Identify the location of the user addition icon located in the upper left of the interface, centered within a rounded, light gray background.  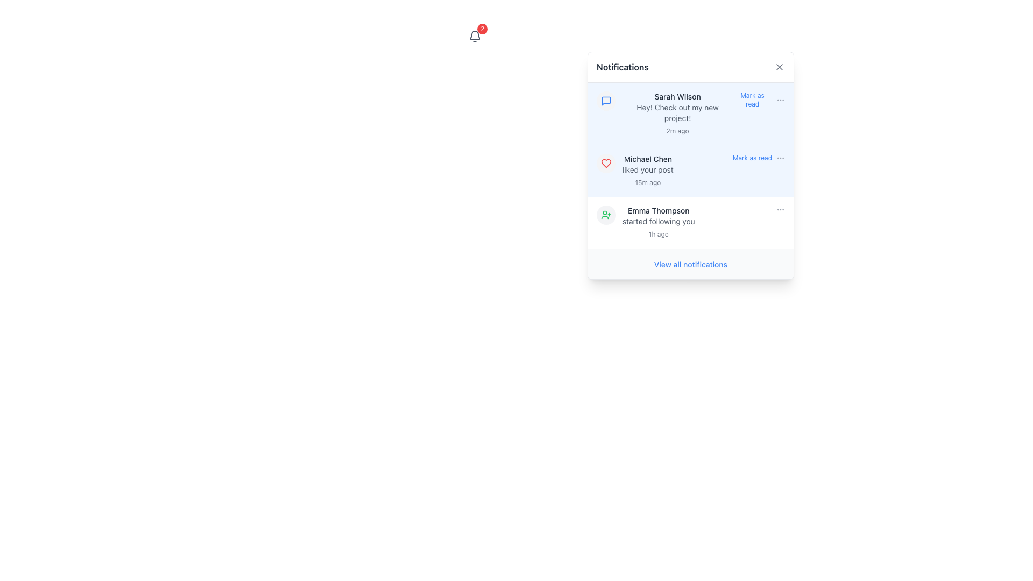
(606, 215).